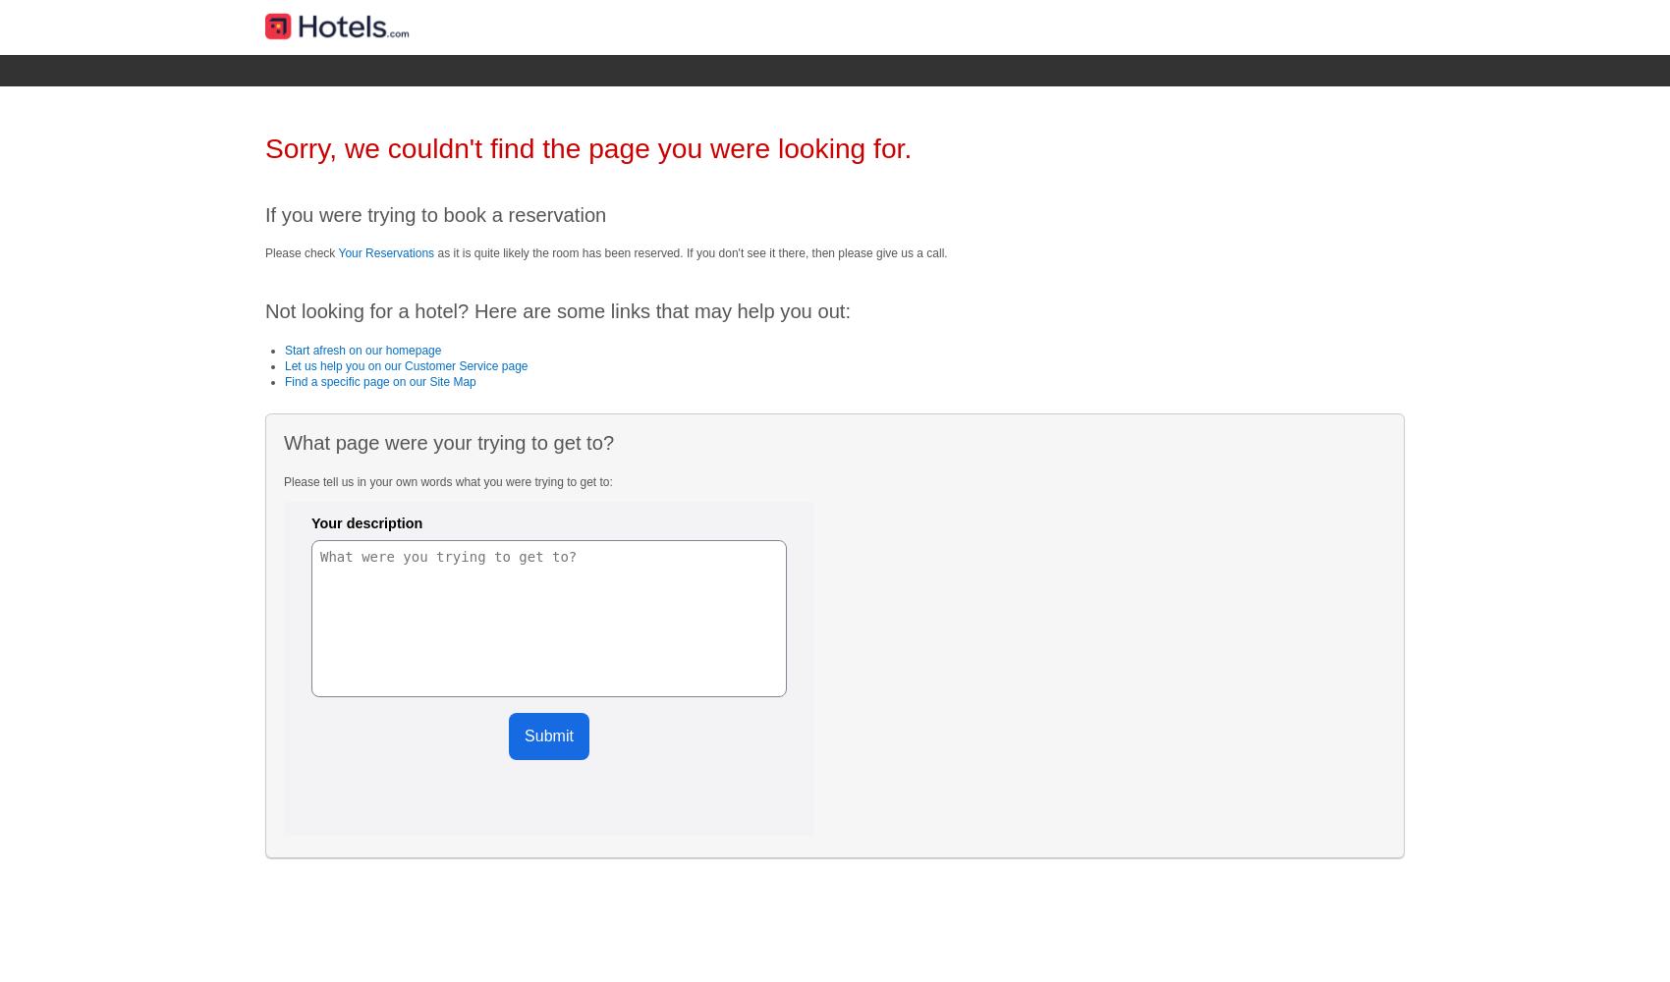  What do you see at coordinates (690, 252) in the screenshot?
I see `'as it is quite likely the room has been reserved. If you don't see it there, then please give us a call.'` at bounding box center [690, 252].